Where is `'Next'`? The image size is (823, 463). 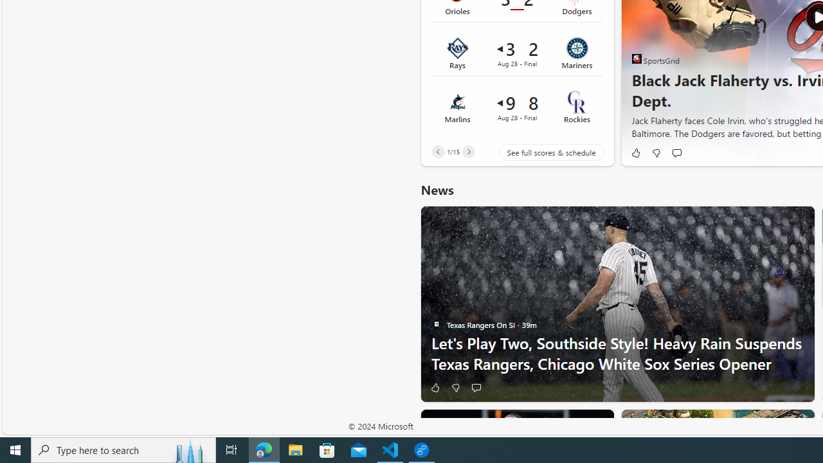 'Next' is located at coordinates (467, 151).